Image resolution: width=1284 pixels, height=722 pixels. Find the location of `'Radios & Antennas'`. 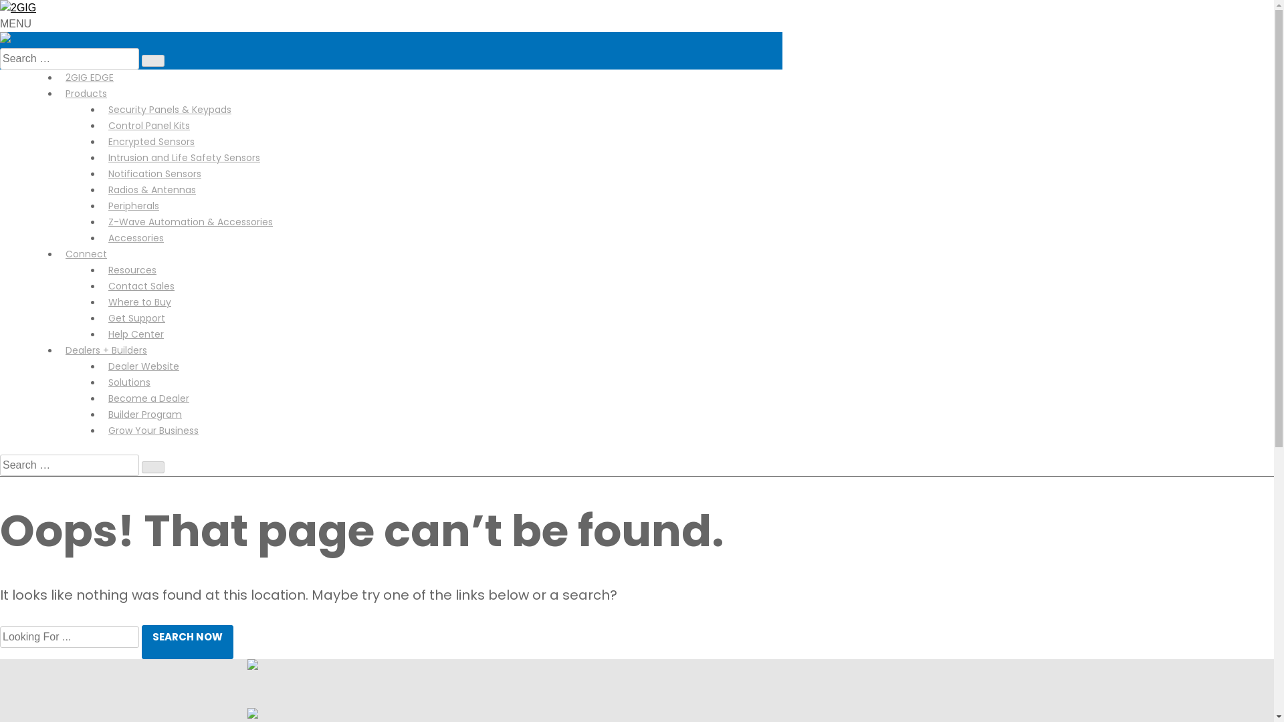

'Radios & Antennas' is located at coordinates (152, 190).